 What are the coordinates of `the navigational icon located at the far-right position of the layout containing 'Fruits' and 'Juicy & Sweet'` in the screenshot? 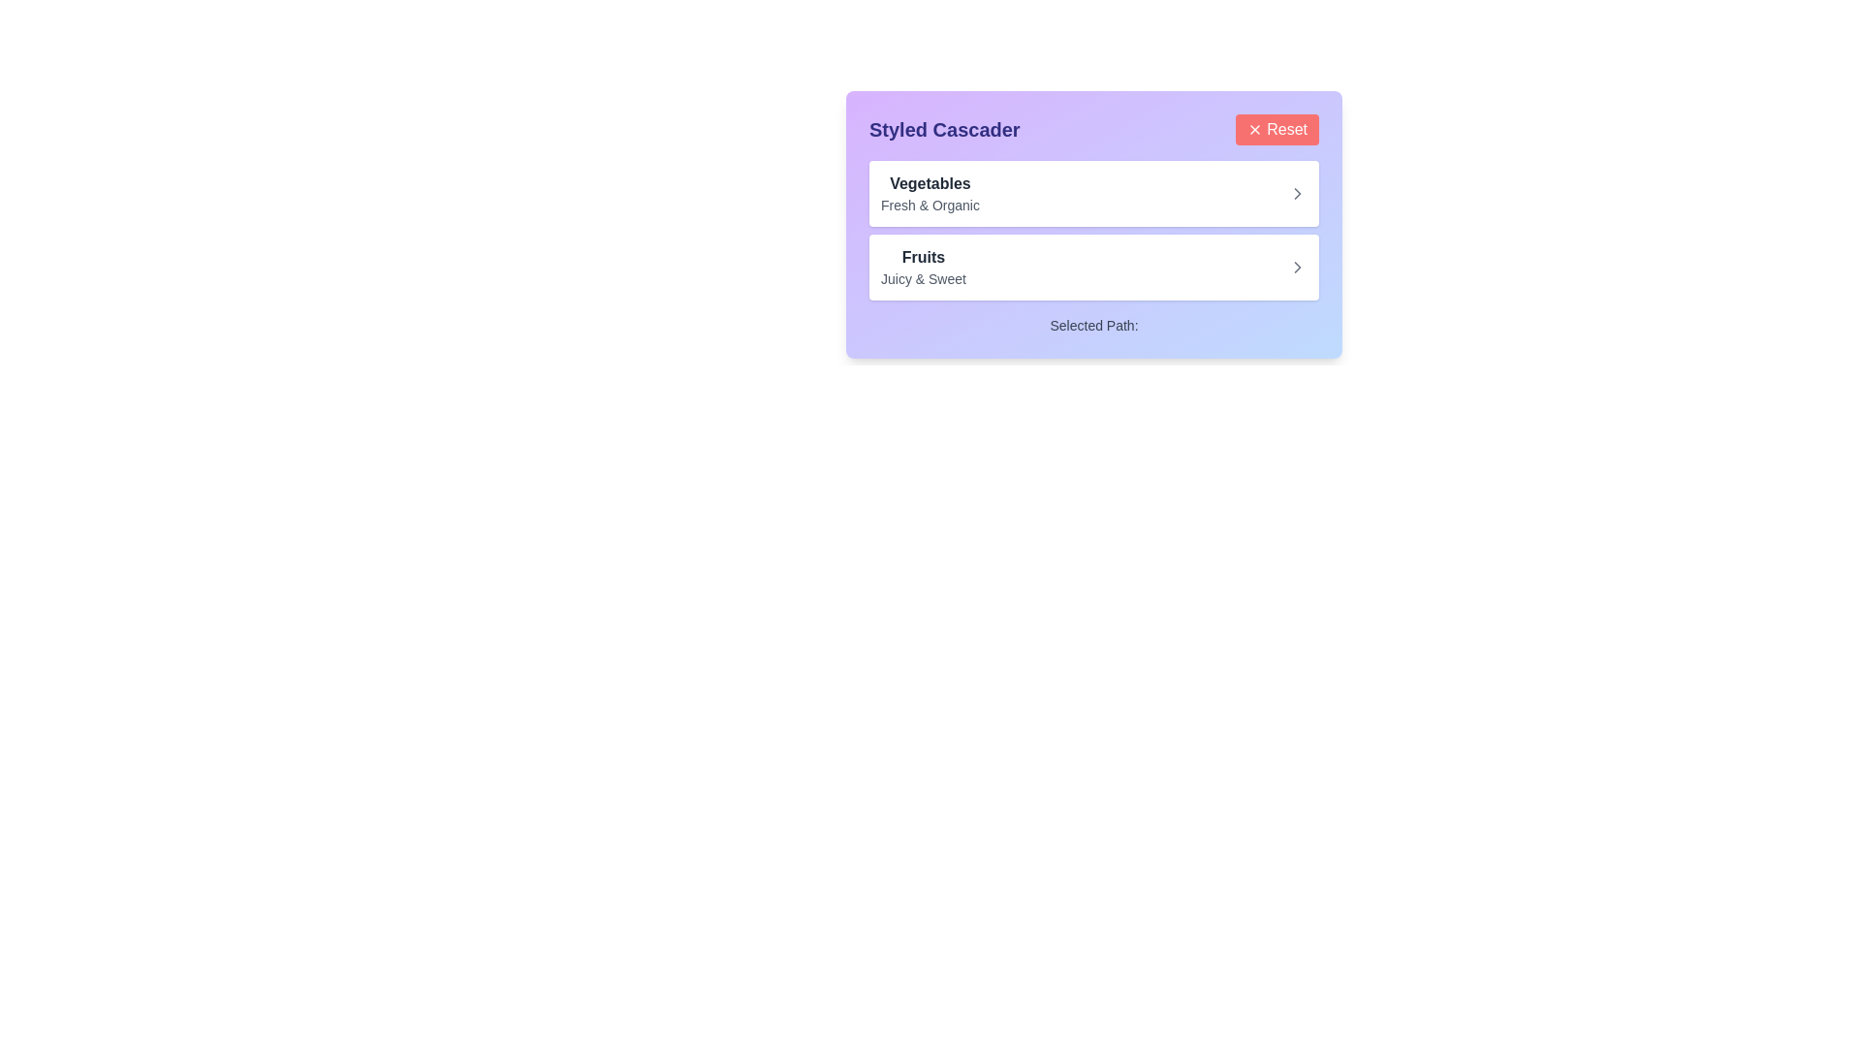 It's located at (1298, 268).